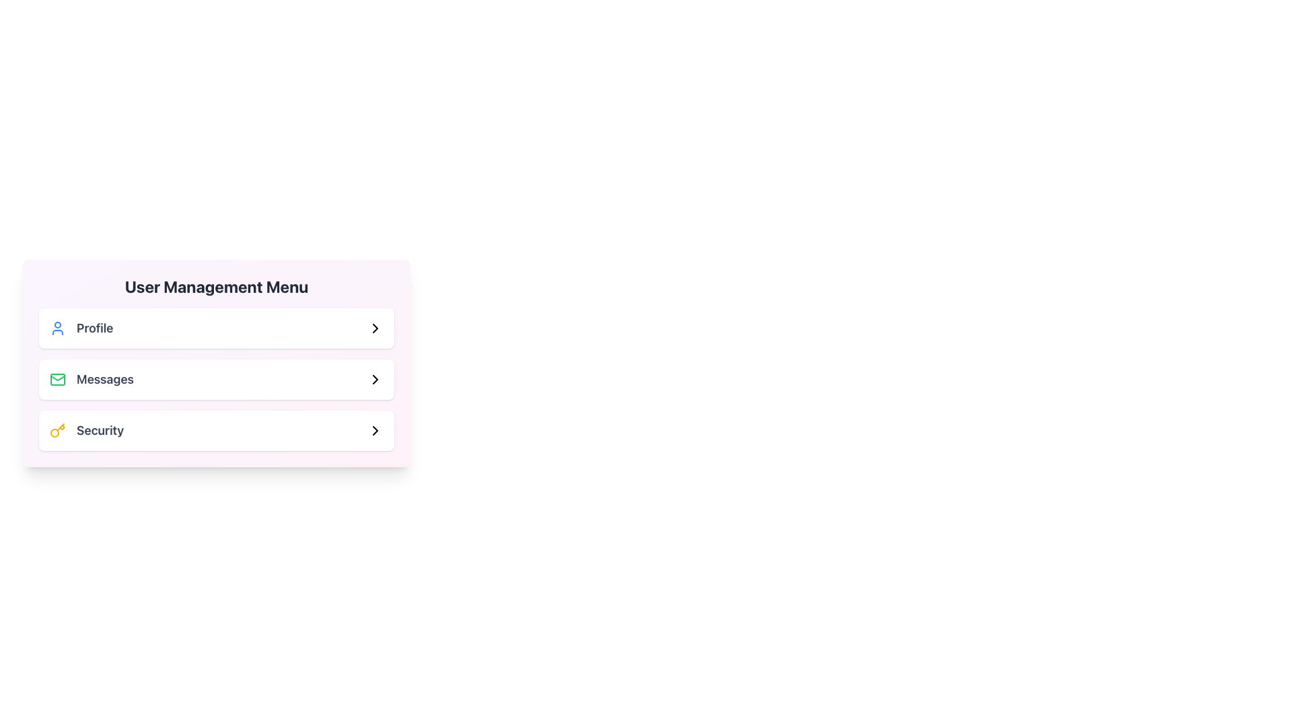 The height and width of the screenshot is (727, 1292). I want to click on the user profile icon in the 'User Management Menu' which visually represents the 'Profile' option, located on the leftmost side before the 'Profile' label, so click(57, 328).